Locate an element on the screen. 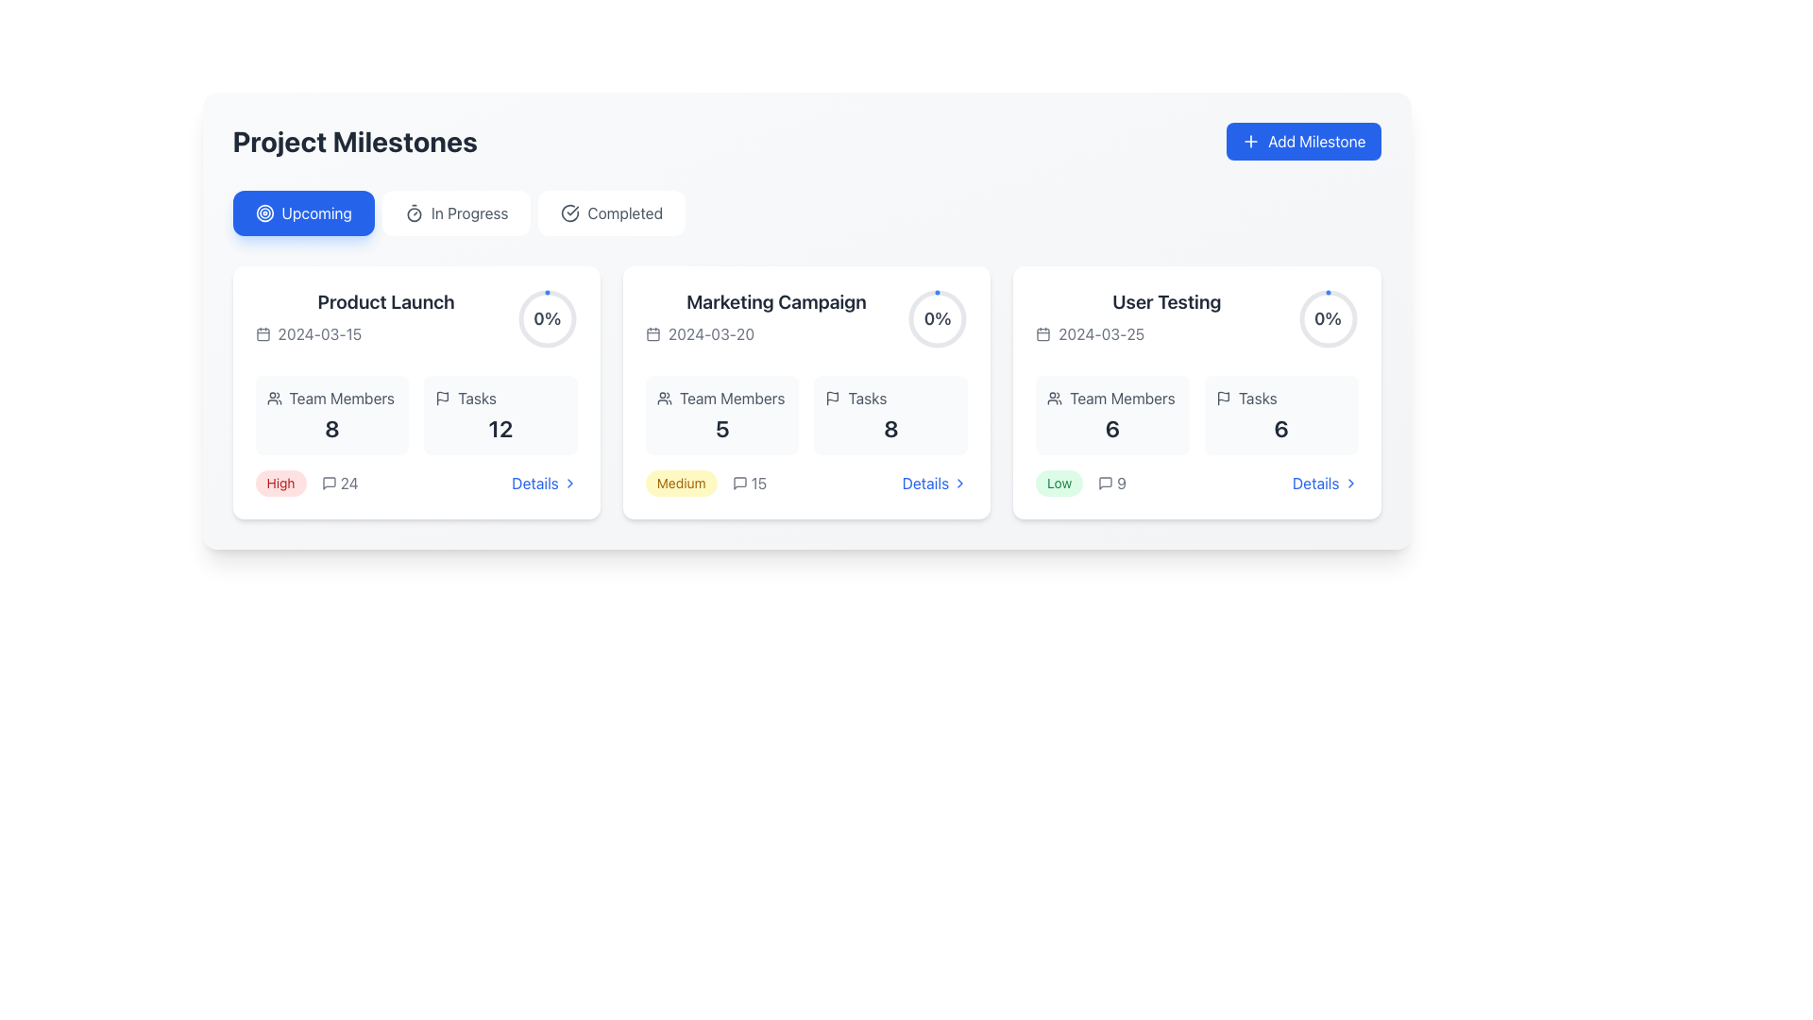 This screenshot has width=1813, height=1020. the minimalistic outline flag icon located at the top-left part of the User Testing milestone card's header section is located at coordinates (1223, 396).